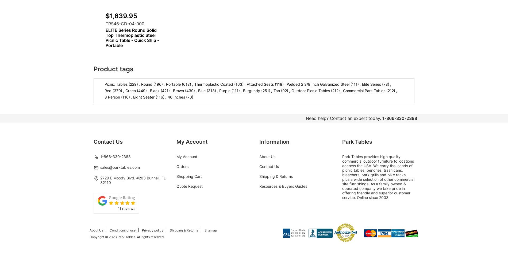  What do you see at coordinates (113, 69) in the screenshot?
I see `'Product tags'` at bounding box center [113, 69].